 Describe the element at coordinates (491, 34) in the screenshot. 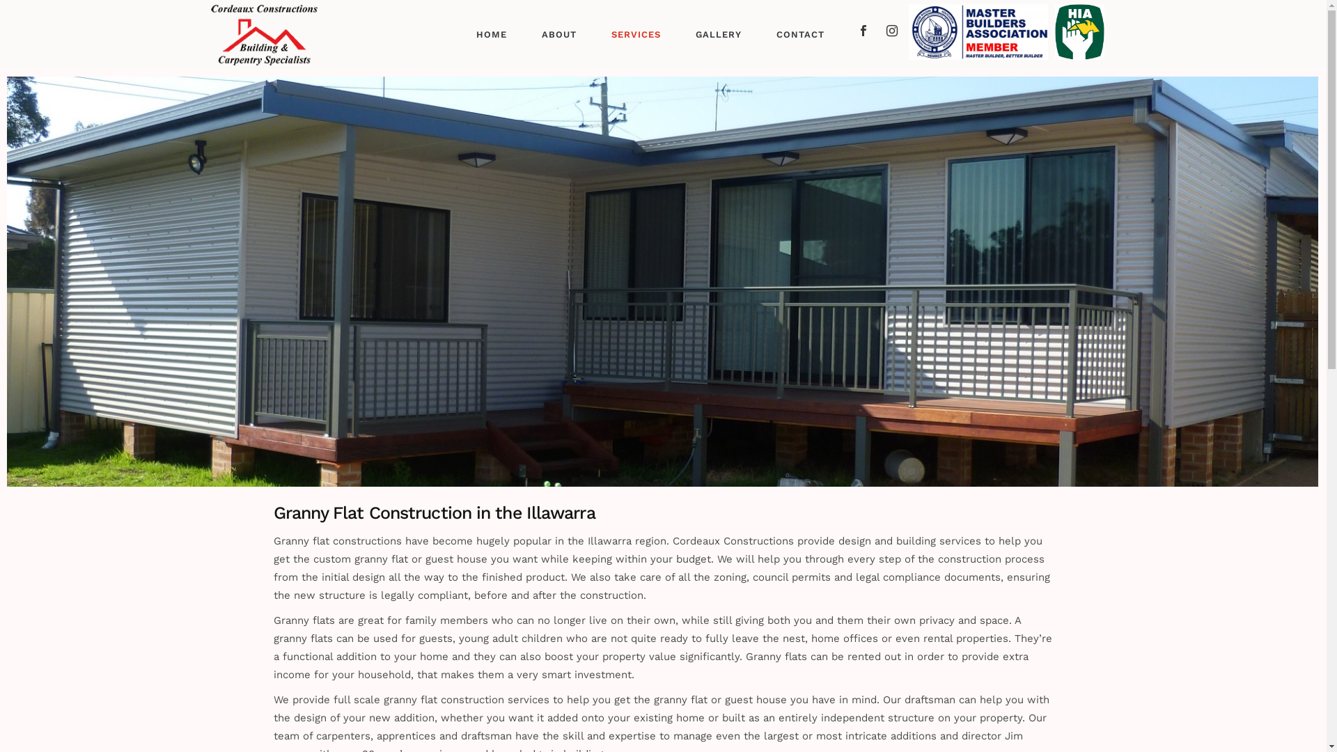

I see `'HOME'` at that location.